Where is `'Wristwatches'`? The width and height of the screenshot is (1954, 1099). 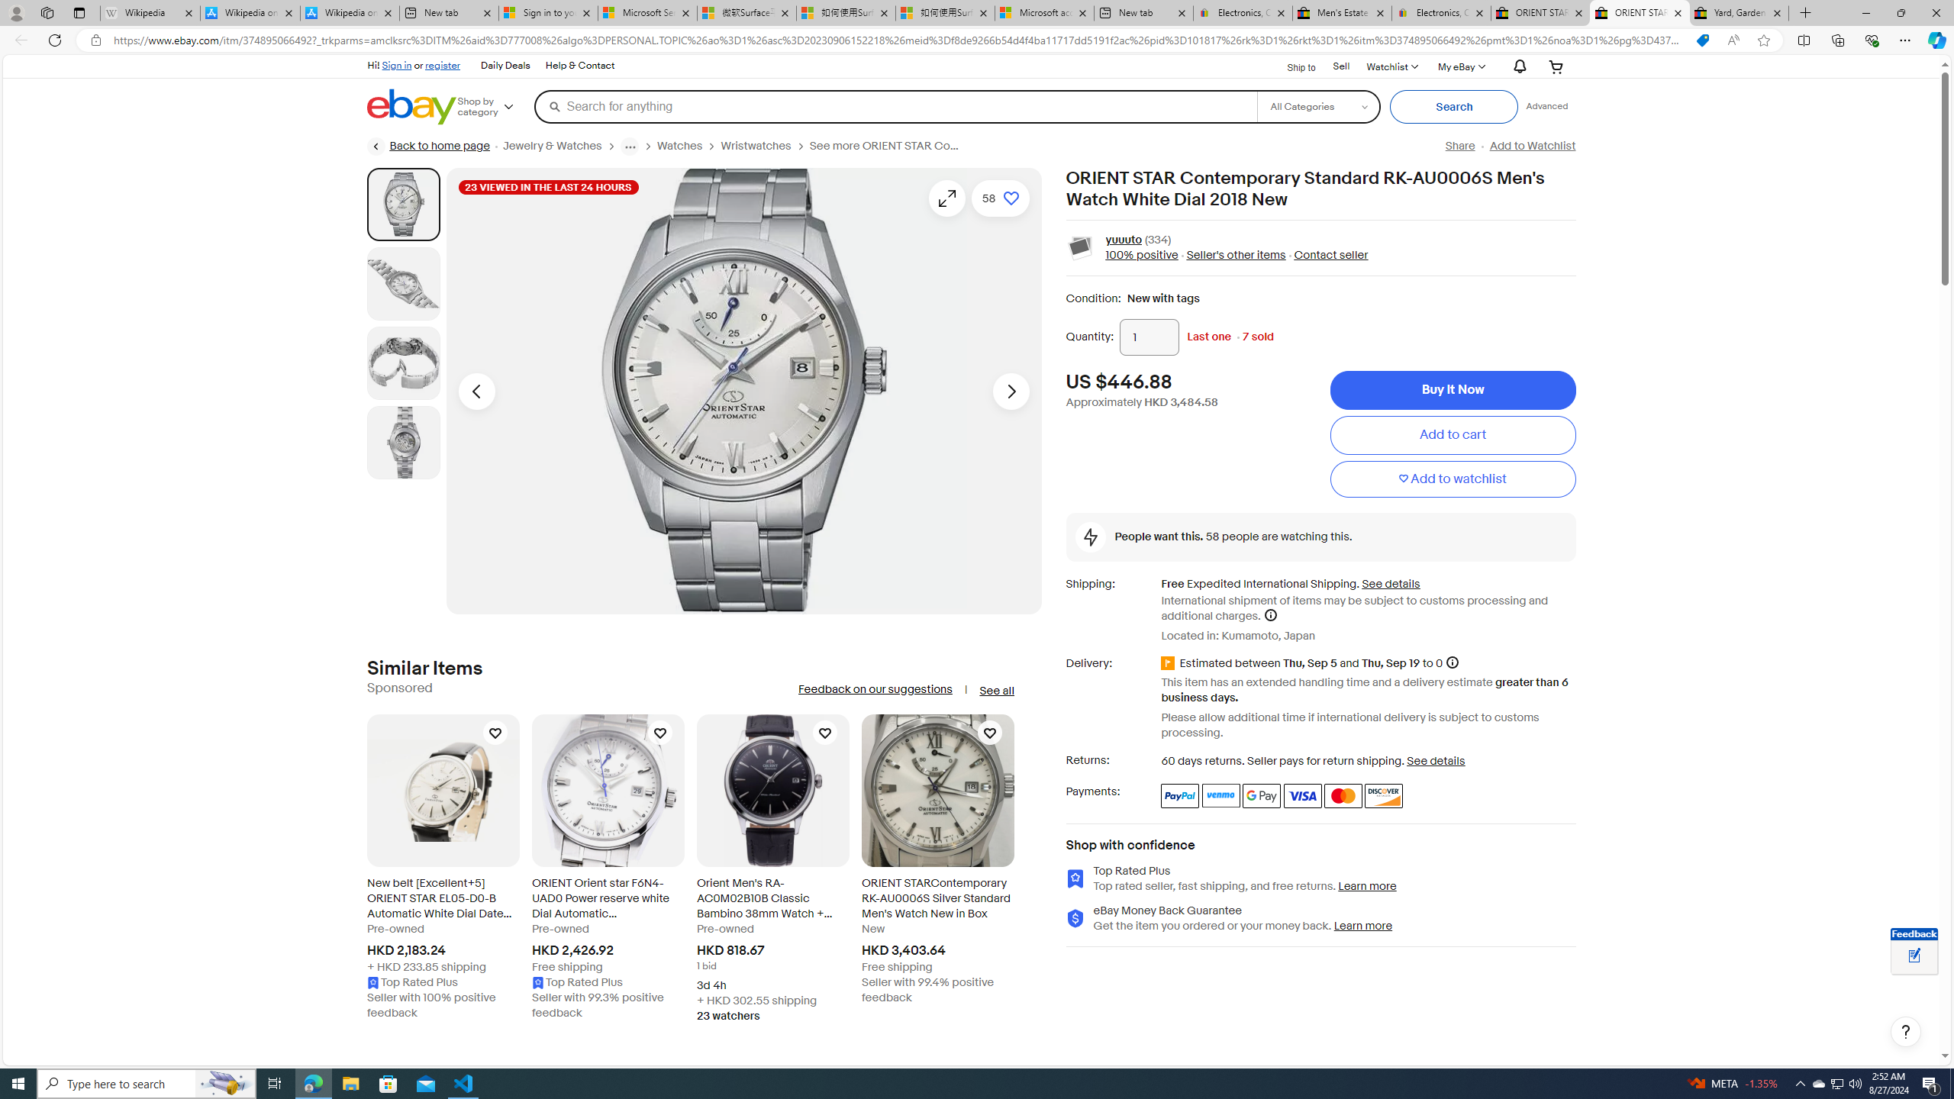
'Wristwatches' is located at coordinates (756, 146).